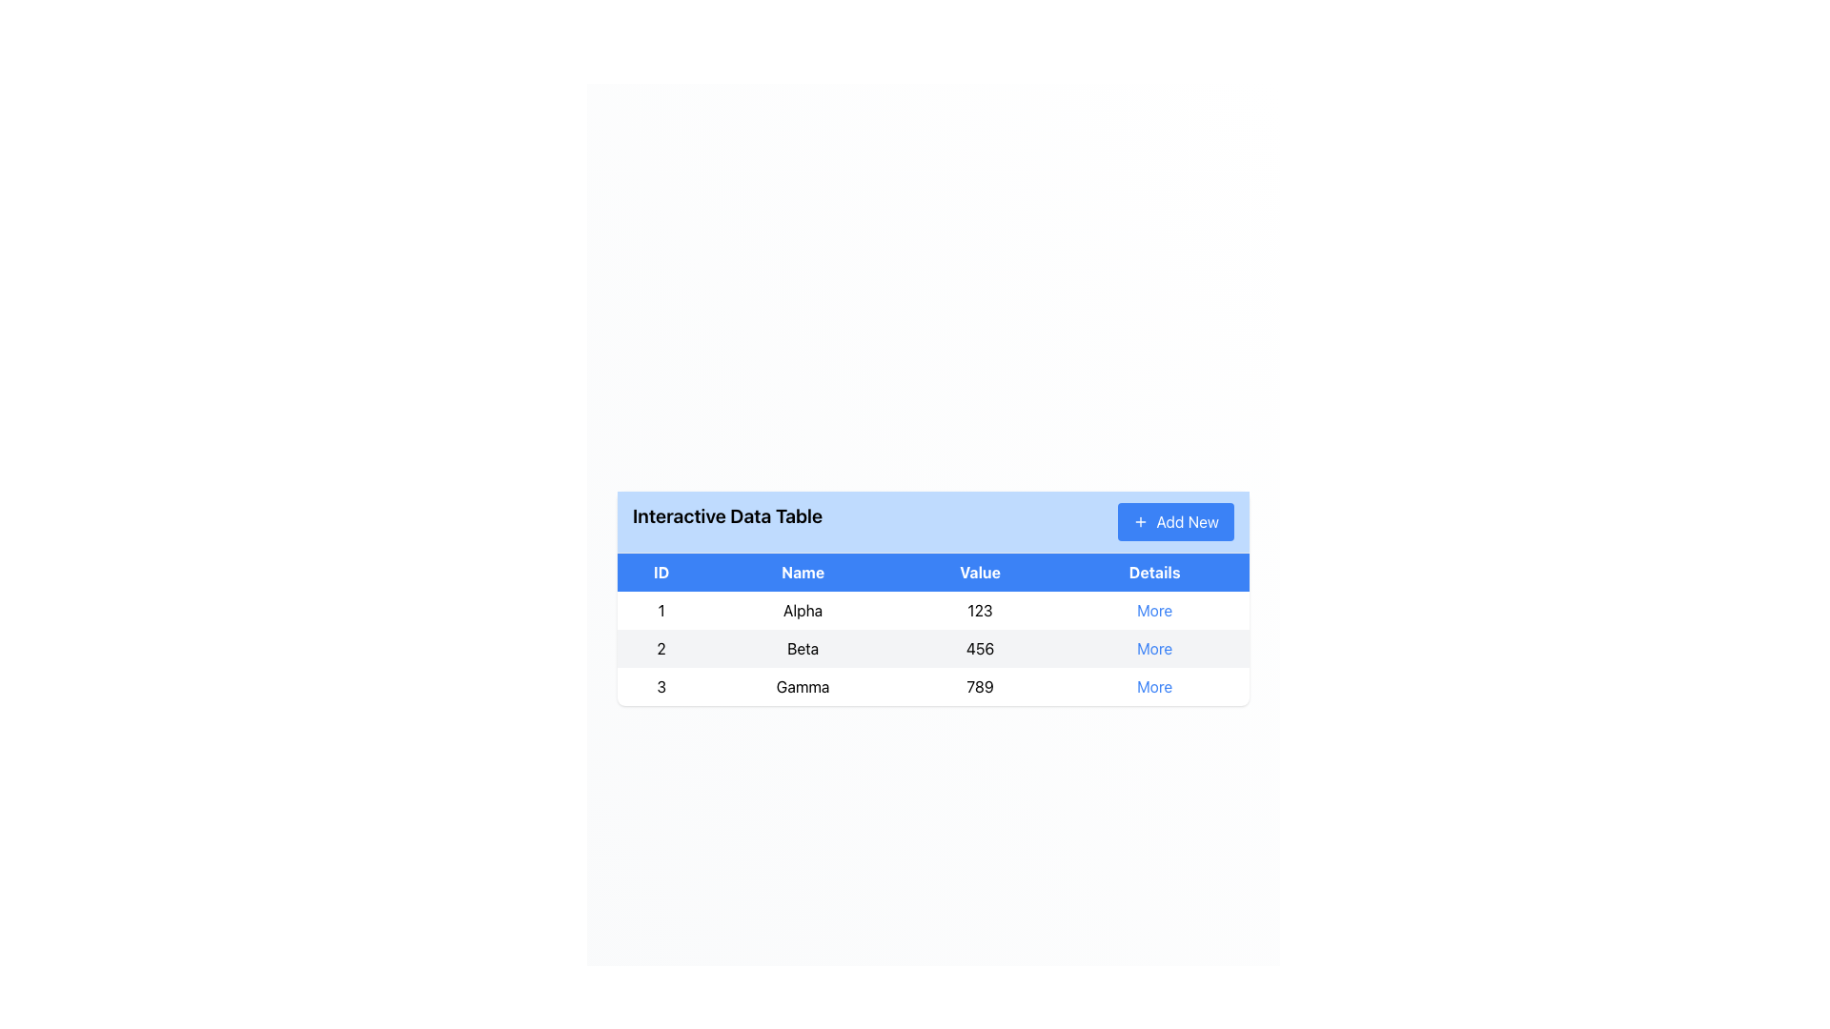  What do you see at coordinates (1175, 521) in the screenshot?
I see `the 'Add New' button located in the top-right corner of the header section above the data table` at bounding box center [1175, 521].